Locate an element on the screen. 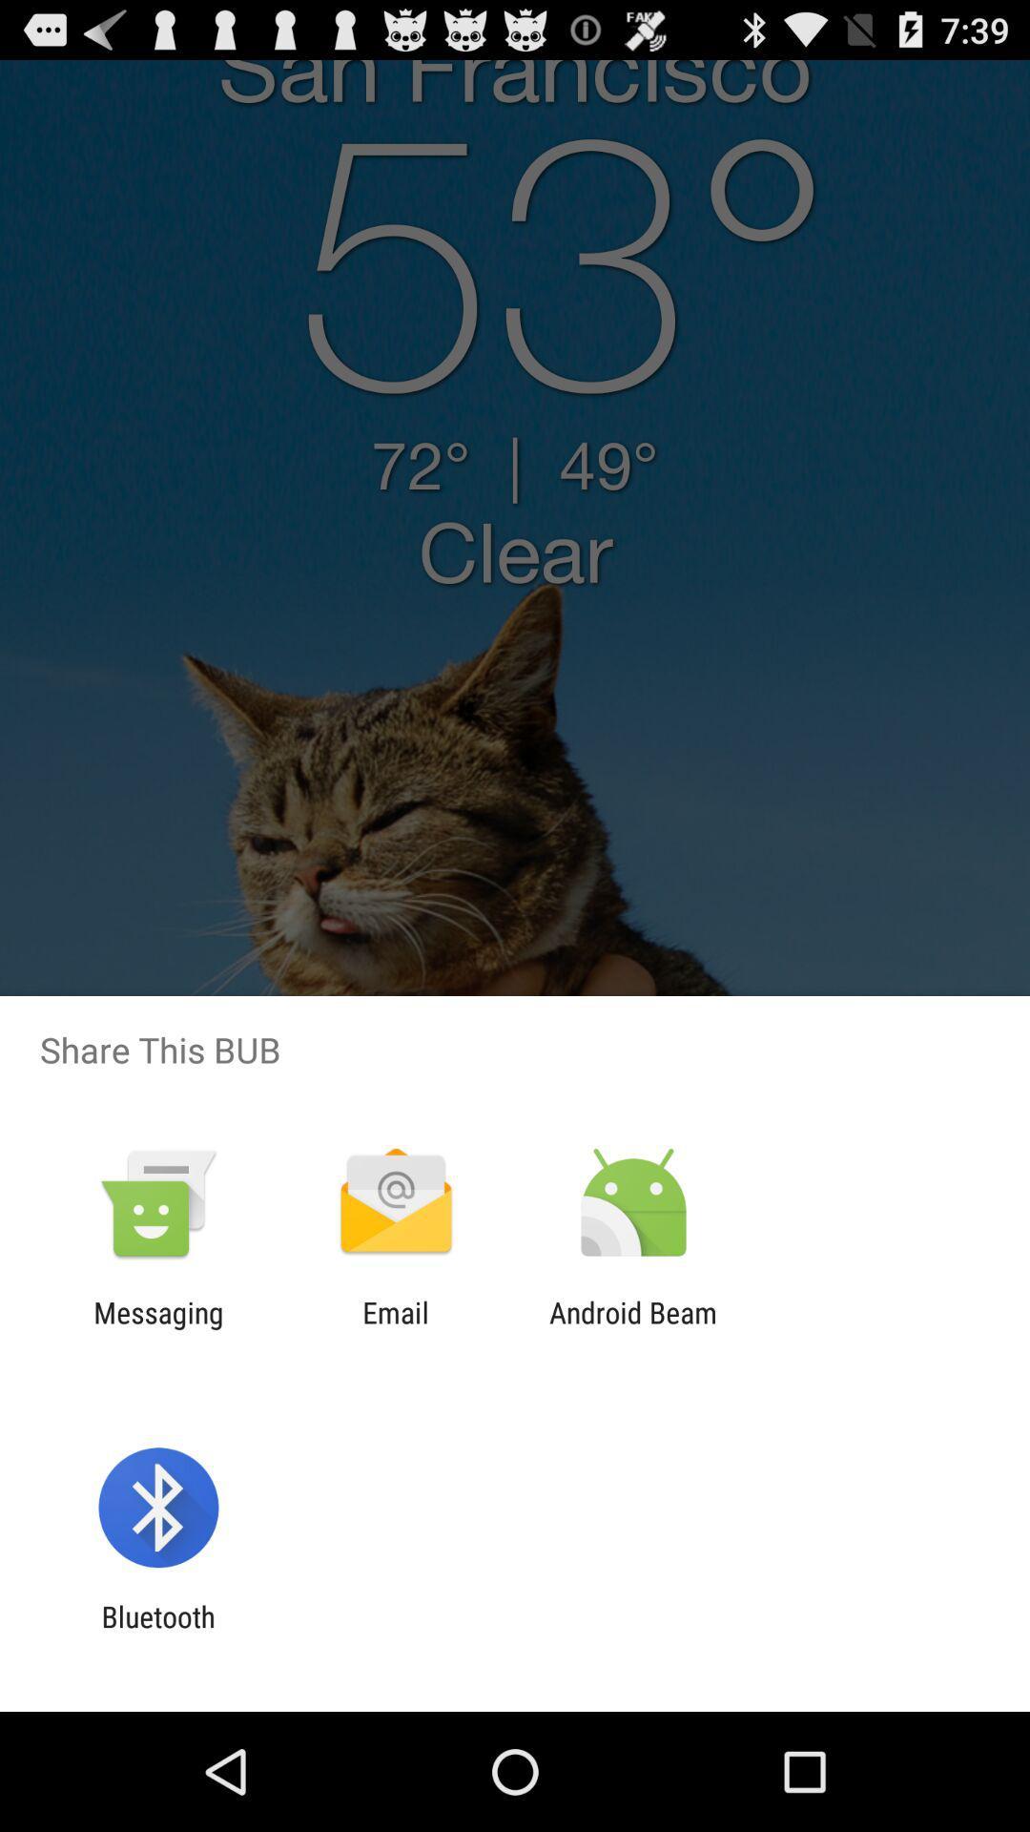  the app next to the android beam is located at coordinates (395, 1328).